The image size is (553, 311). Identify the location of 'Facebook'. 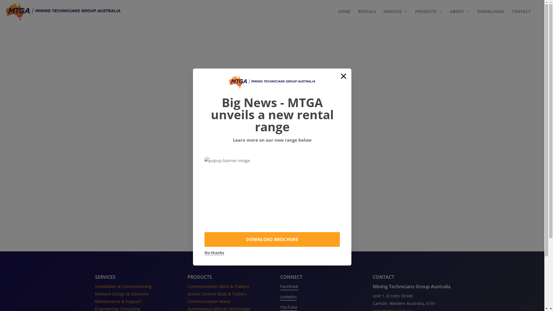
(289, 287).